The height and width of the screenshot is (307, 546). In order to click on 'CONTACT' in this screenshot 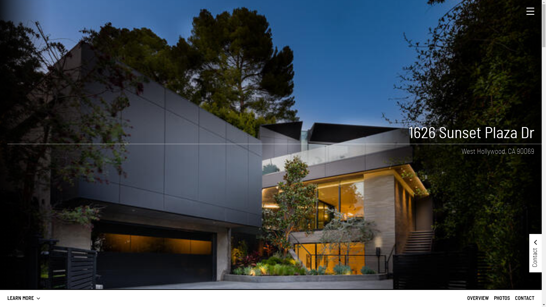, I will do `click(515, 298)`.